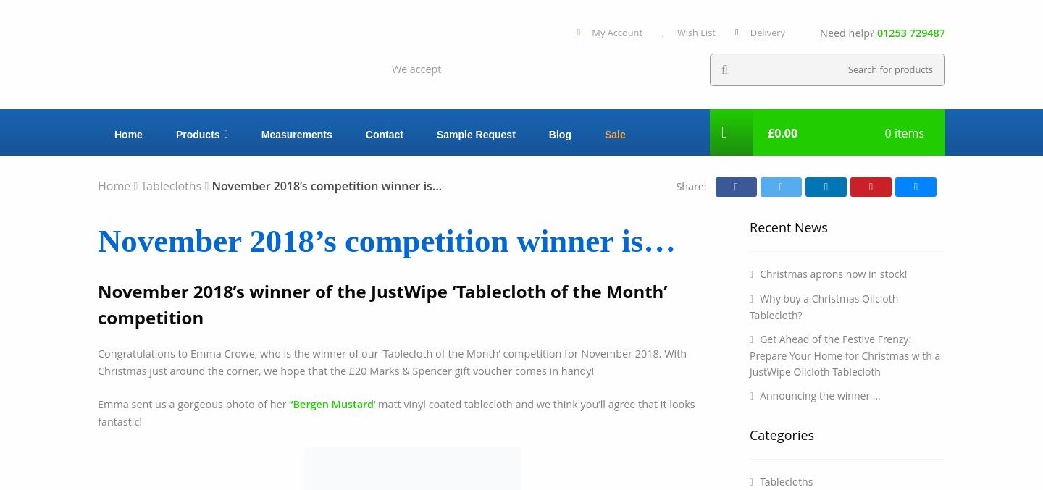  What do you see at coordinates (604, 133) in the screenshot?
I see `'Sale'` at bounding box center [604, 133].